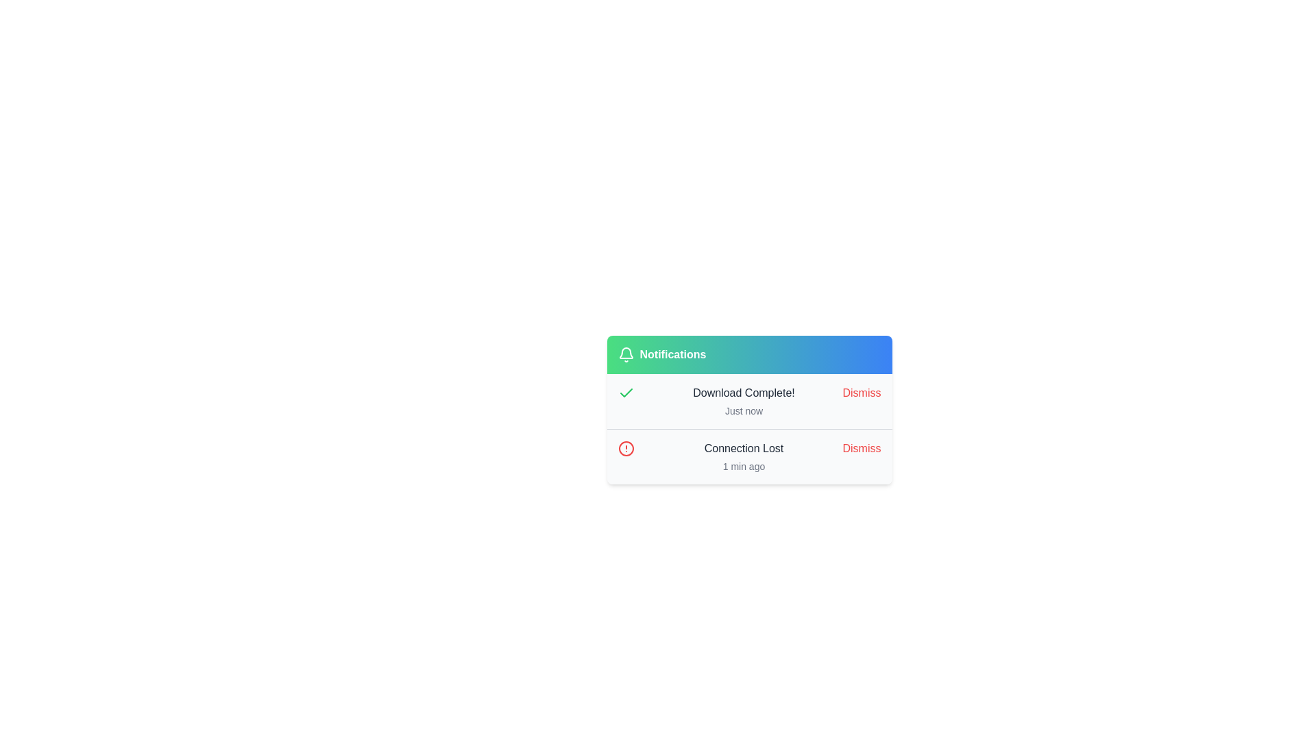  Describe the element at coordinates (743, 393) in the screenshot. I see `text label that displays 'Download Complete!' in bold dark gray font, located above the 'Just now' text within the notification card` at that location.